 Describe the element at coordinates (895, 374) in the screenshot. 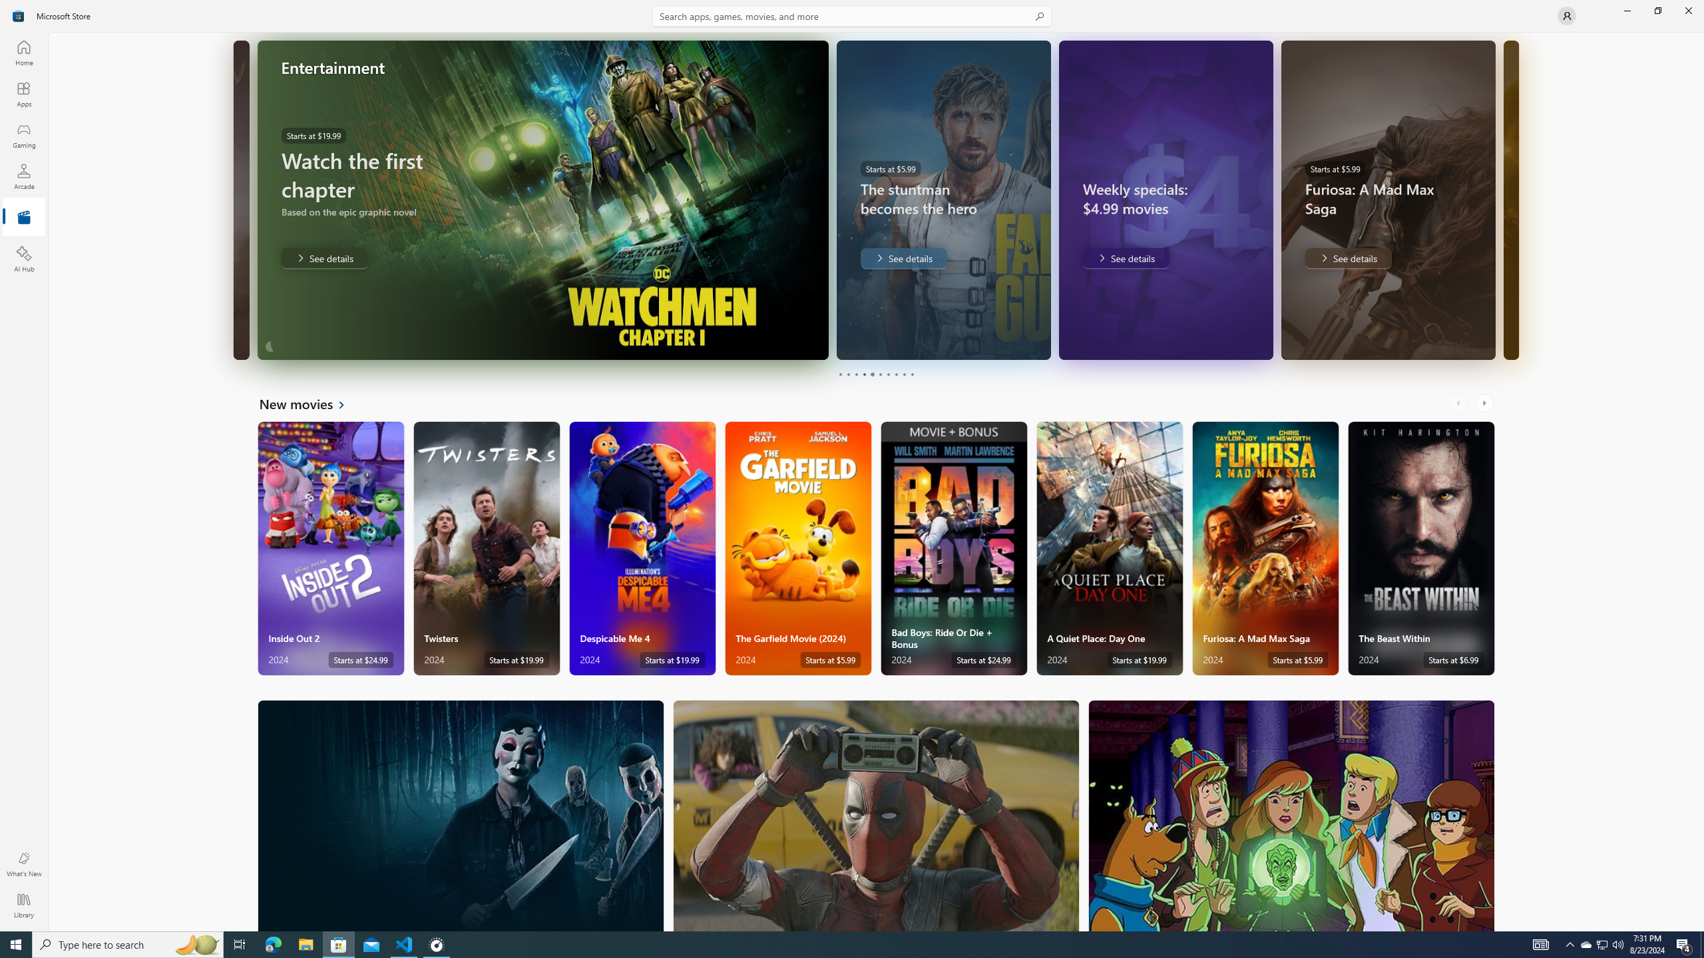

I see `'Page 8'` at that location.